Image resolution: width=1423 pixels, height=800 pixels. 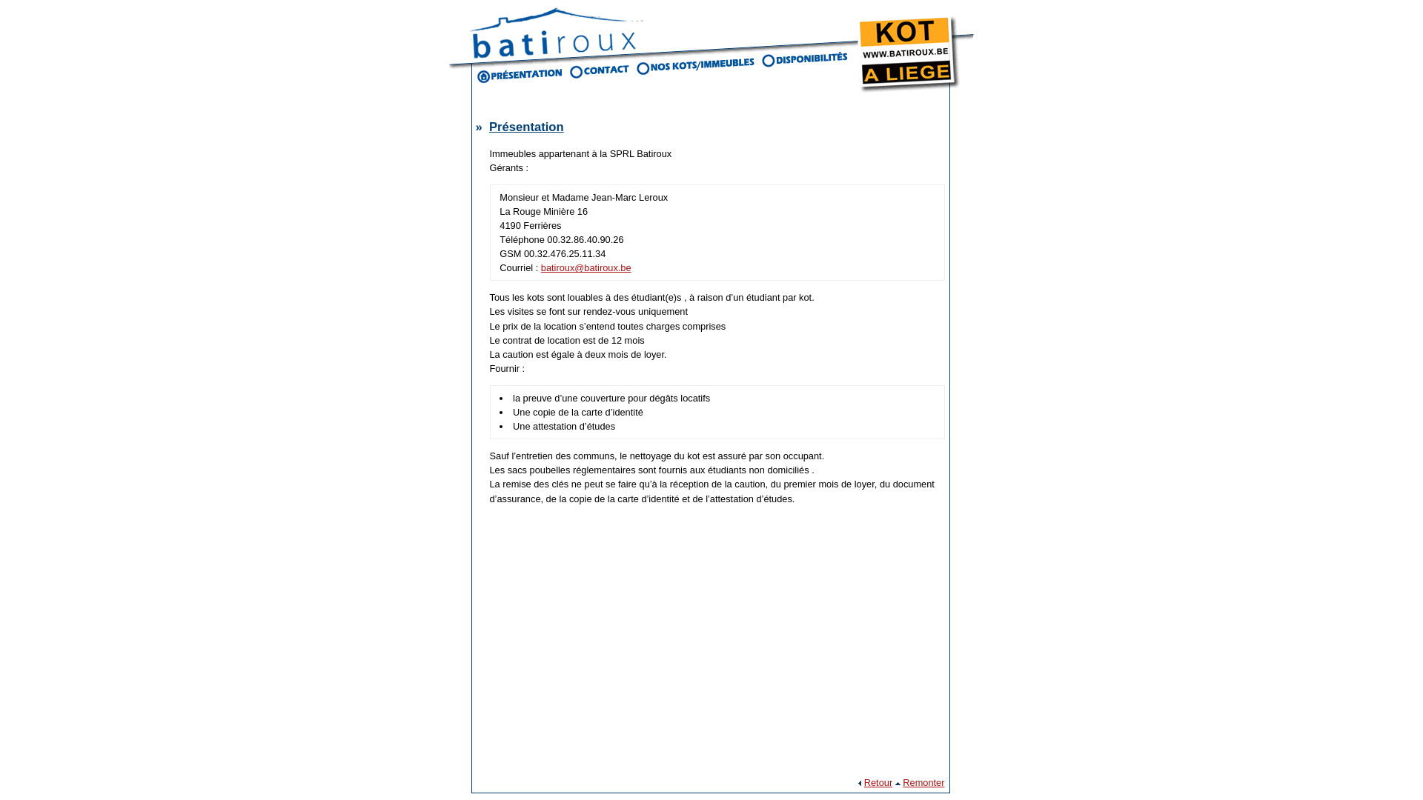 I want to click on 'Retour', so click(x=878, y=781).